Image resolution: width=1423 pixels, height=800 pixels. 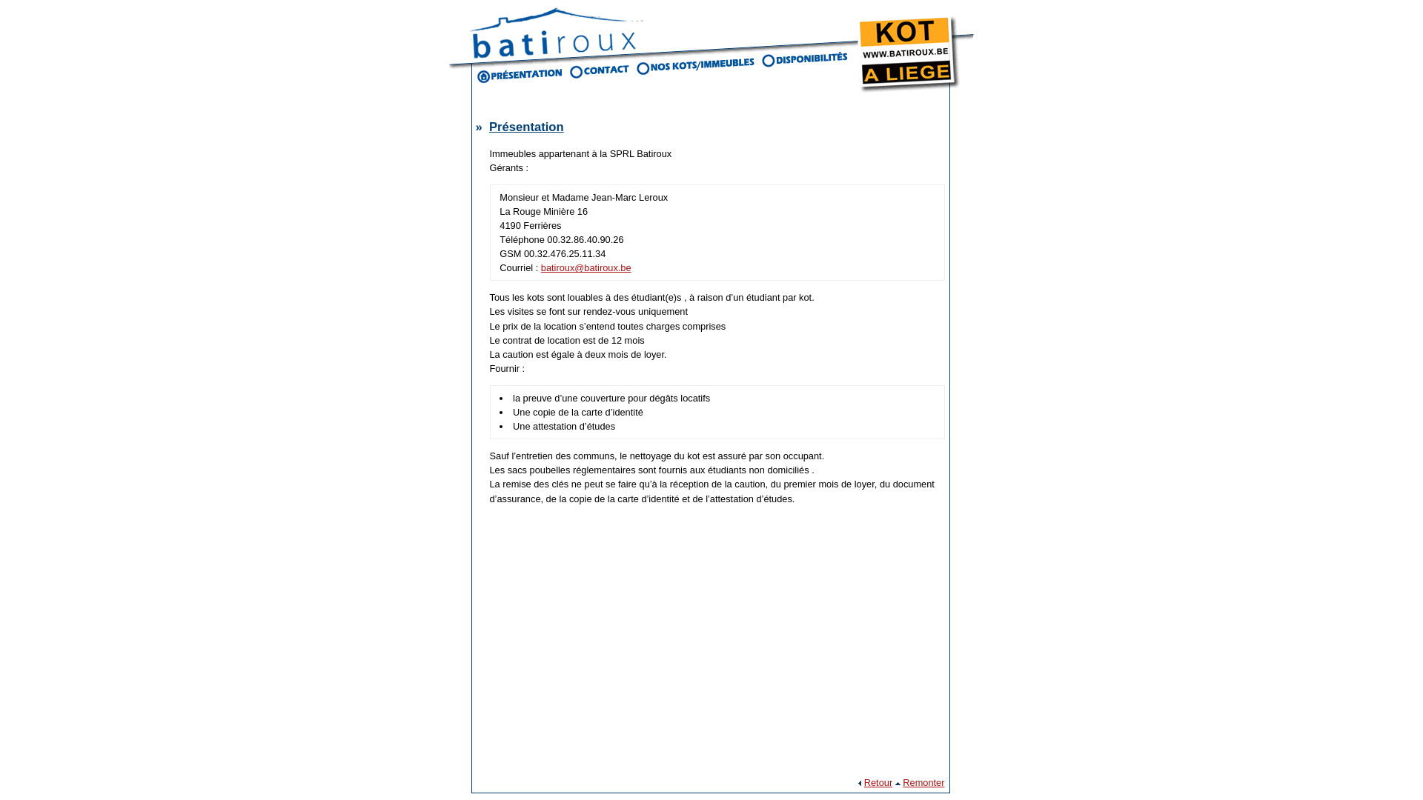 I want to click on 'Retour', so click(x=878, y=781).